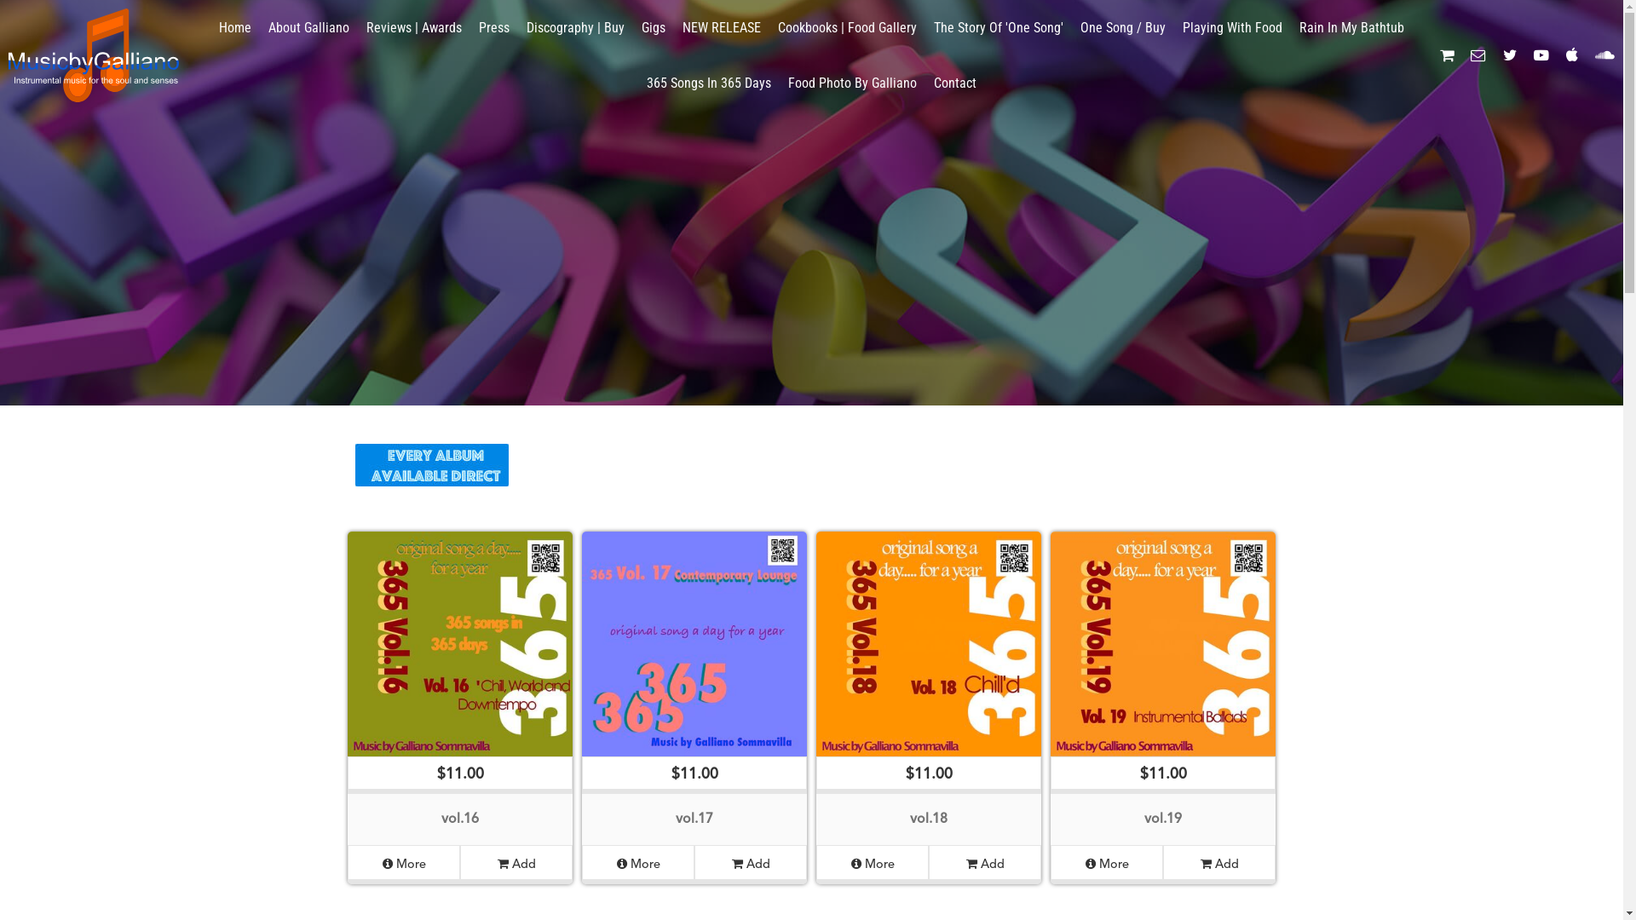 This screenshot has width=1636, height=920. Describe the element at coordinates (852, 83) in the screenshot. I see `'Food Photo By Galliano'` at that location.